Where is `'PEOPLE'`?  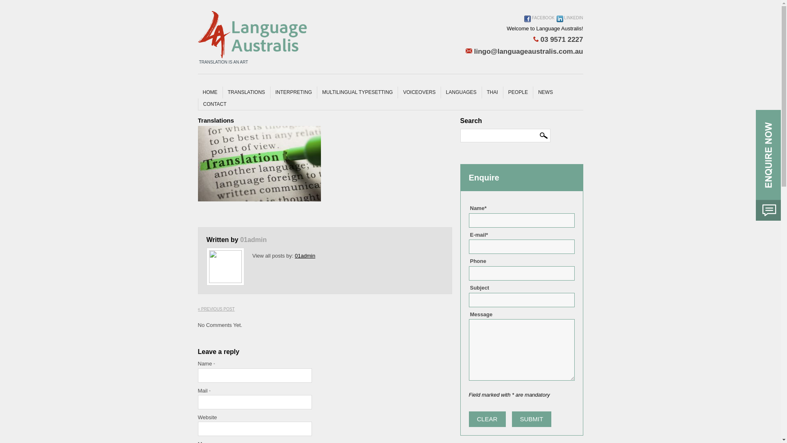
'PEOPLE' is located at coordinates (503, 92).